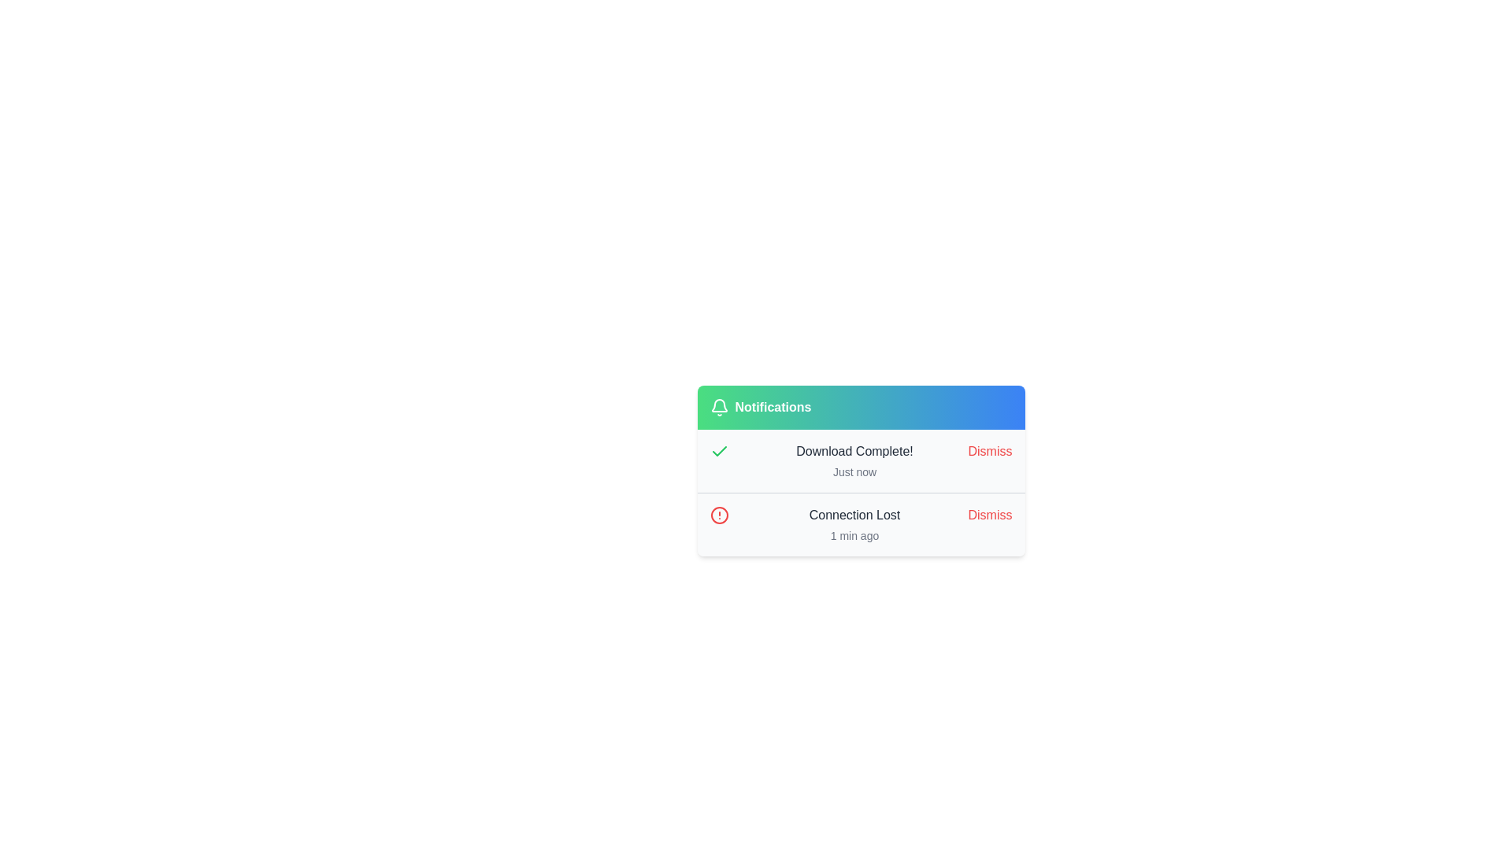  What do you see at coordinates (854, 460) in the screenshot?
I see `message displayed in the notification indicating 'Download Complete!' located under the 'Notifications' heading` at bounding box center [854, 460].